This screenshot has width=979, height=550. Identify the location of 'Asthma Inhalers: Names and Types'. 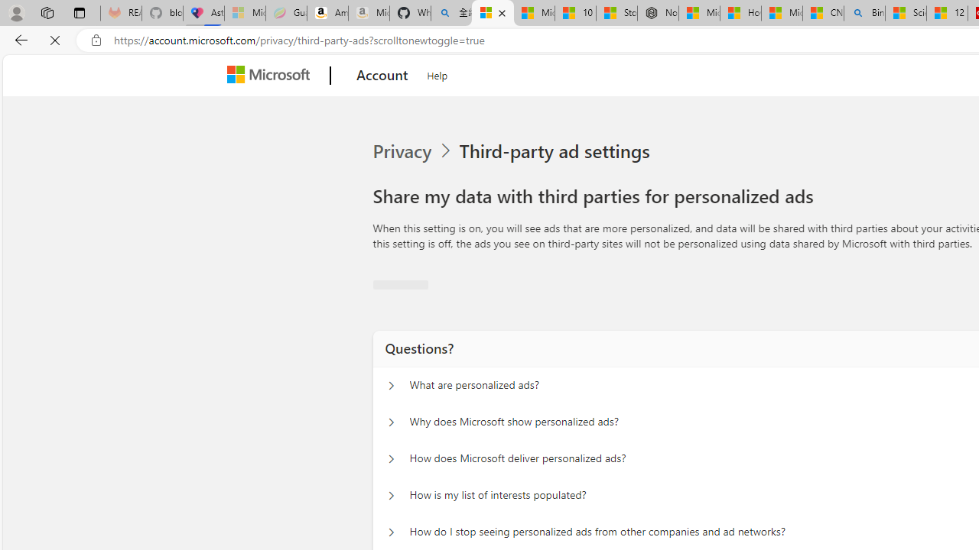
(203, 13).